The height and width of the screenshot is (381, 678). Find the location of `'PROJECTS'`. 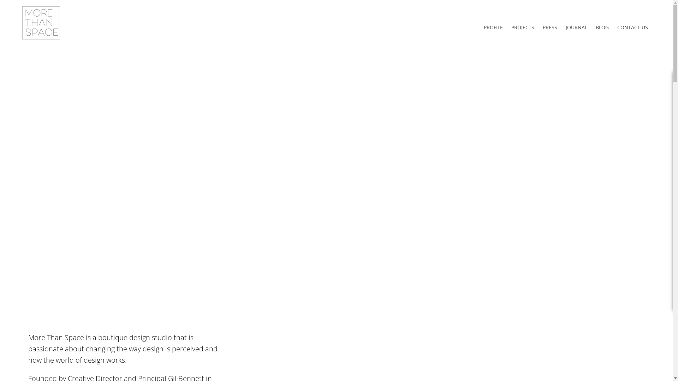

'PROJECTS' is located at coordinates (523, 27).